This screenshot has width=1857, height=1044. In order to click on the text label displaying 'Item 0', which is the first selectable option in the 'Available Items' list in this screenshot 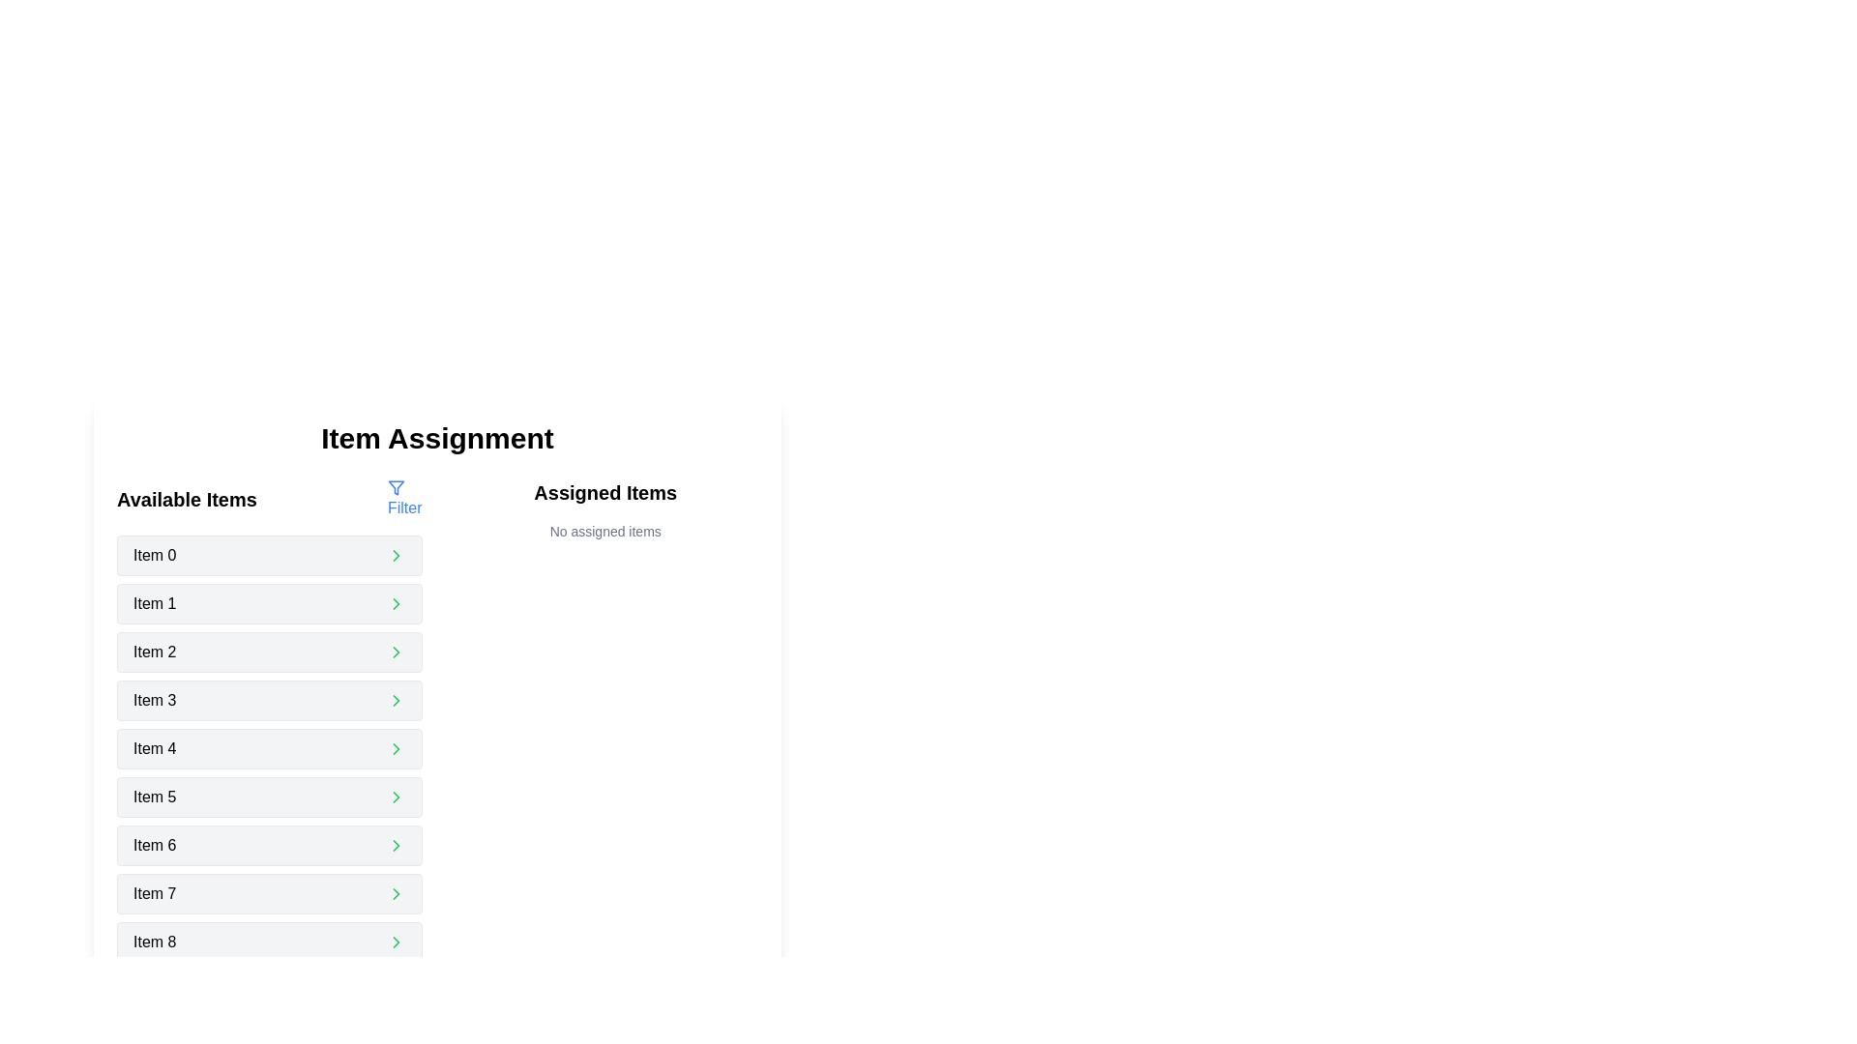, I will do `click(155, 555)`.